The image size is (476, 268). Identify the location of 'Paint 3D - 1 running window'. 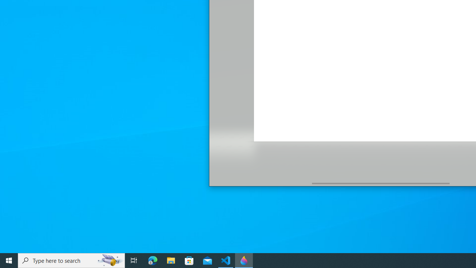
(244, 260).